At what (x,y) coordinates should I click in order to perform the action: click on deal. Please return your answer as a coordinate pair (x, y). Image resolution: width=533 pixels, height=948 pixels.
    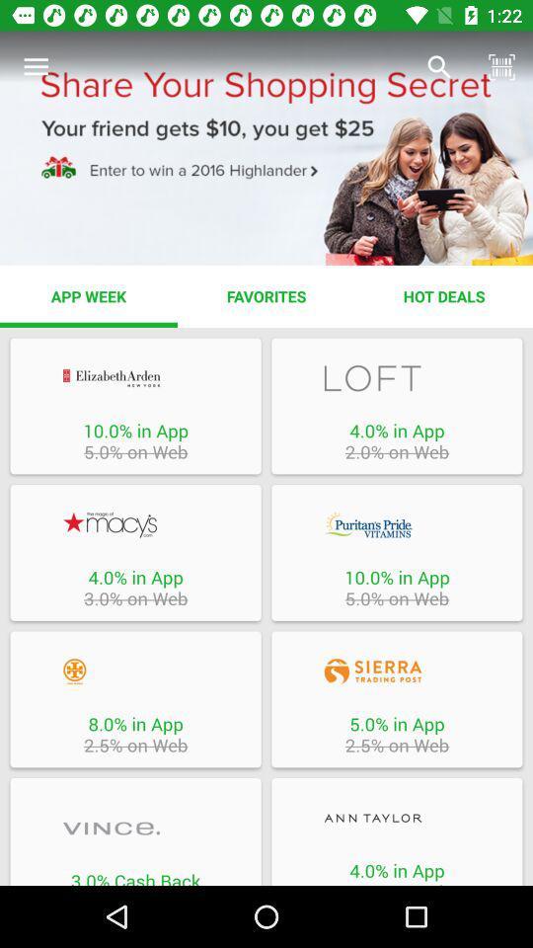
    Looking at the image, I should click on (397, 671).